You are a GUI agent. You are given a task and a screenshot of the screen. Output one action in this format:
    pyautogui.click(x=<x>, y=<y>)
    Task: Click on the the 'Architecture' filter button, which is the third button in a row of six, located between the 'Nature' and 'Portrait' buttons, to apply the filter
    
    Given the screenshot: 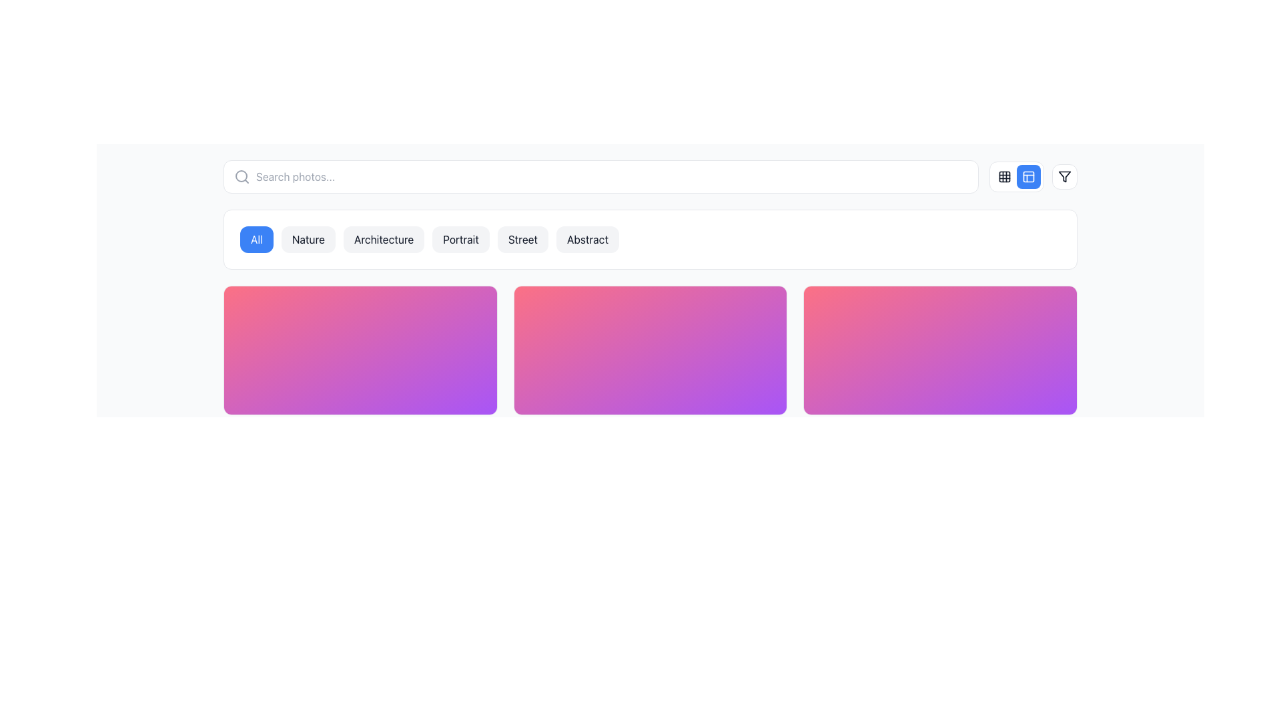 What is the action you would take?
    pyautogui.click(x=383, y=238)
    